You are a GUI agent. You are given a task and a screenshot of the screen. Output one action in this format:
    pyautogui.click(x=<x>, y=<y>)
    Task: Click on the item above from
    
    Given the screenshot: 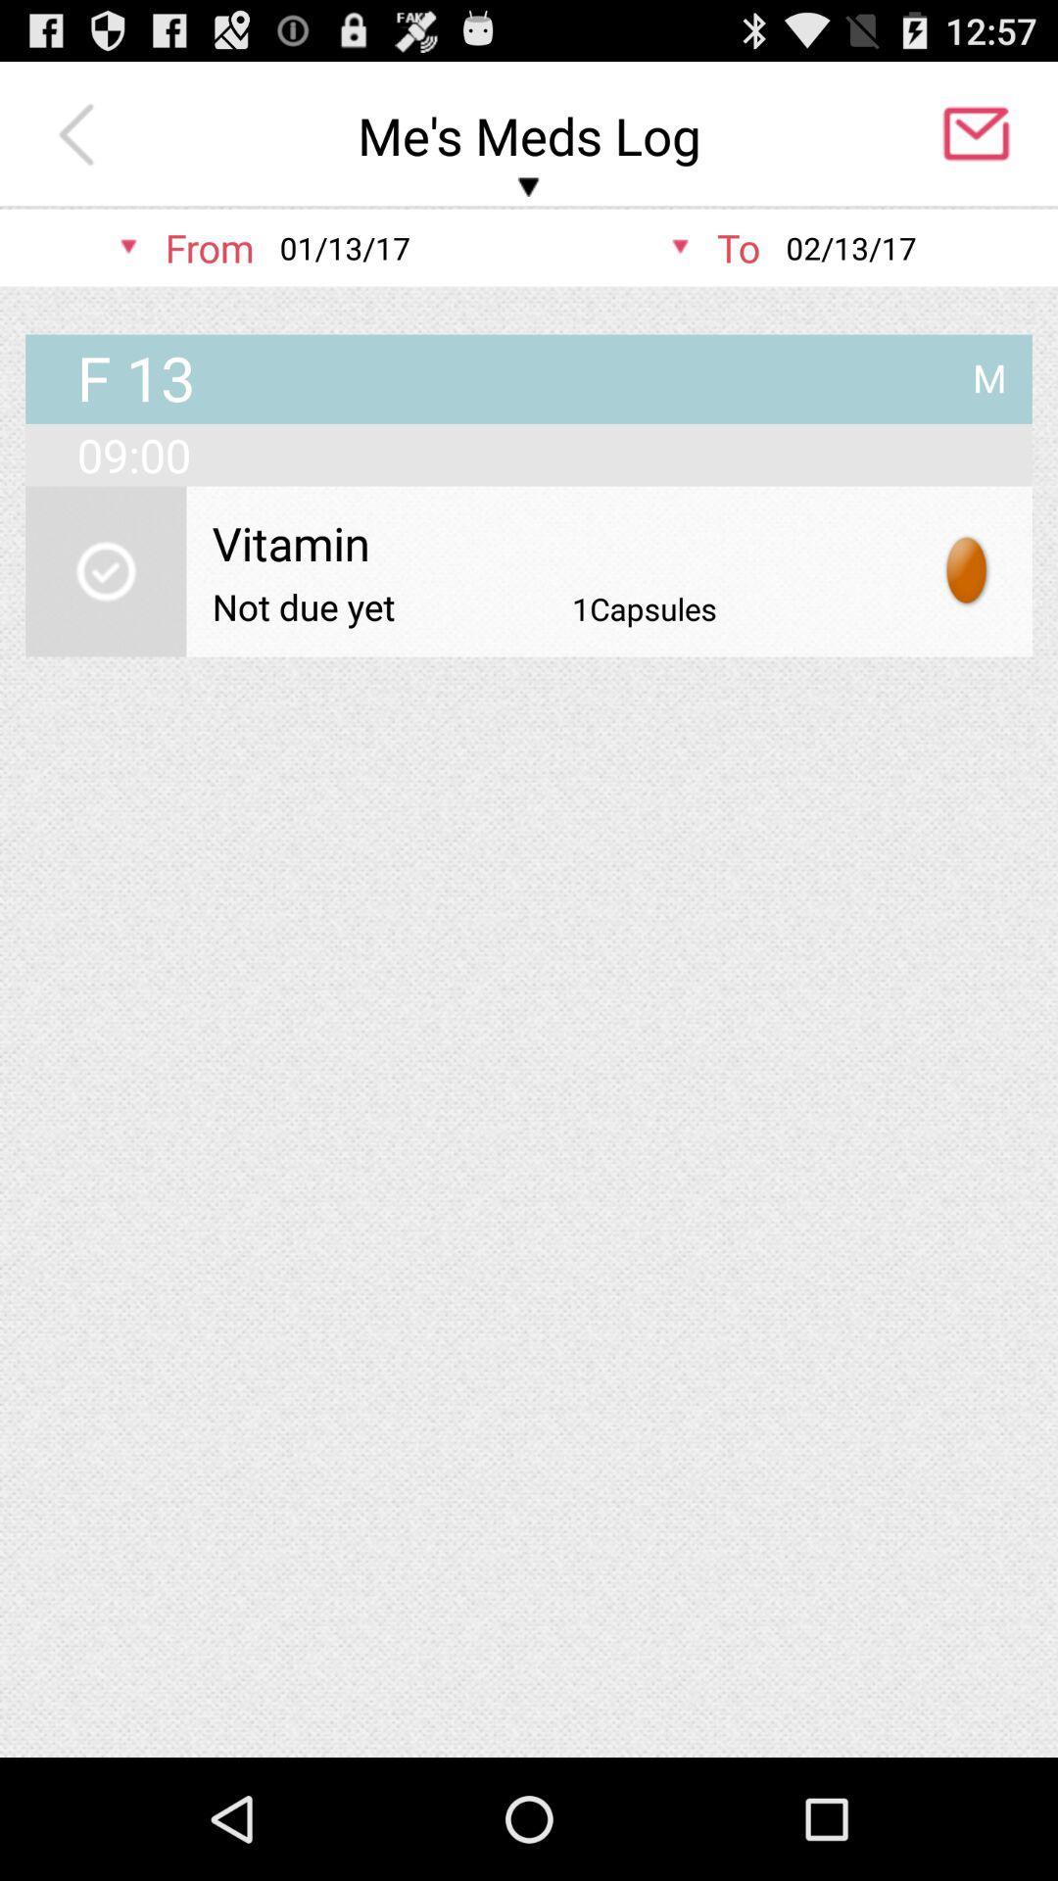 What is the action you would take?
    pyautogui.click(x=80, y=134)
    